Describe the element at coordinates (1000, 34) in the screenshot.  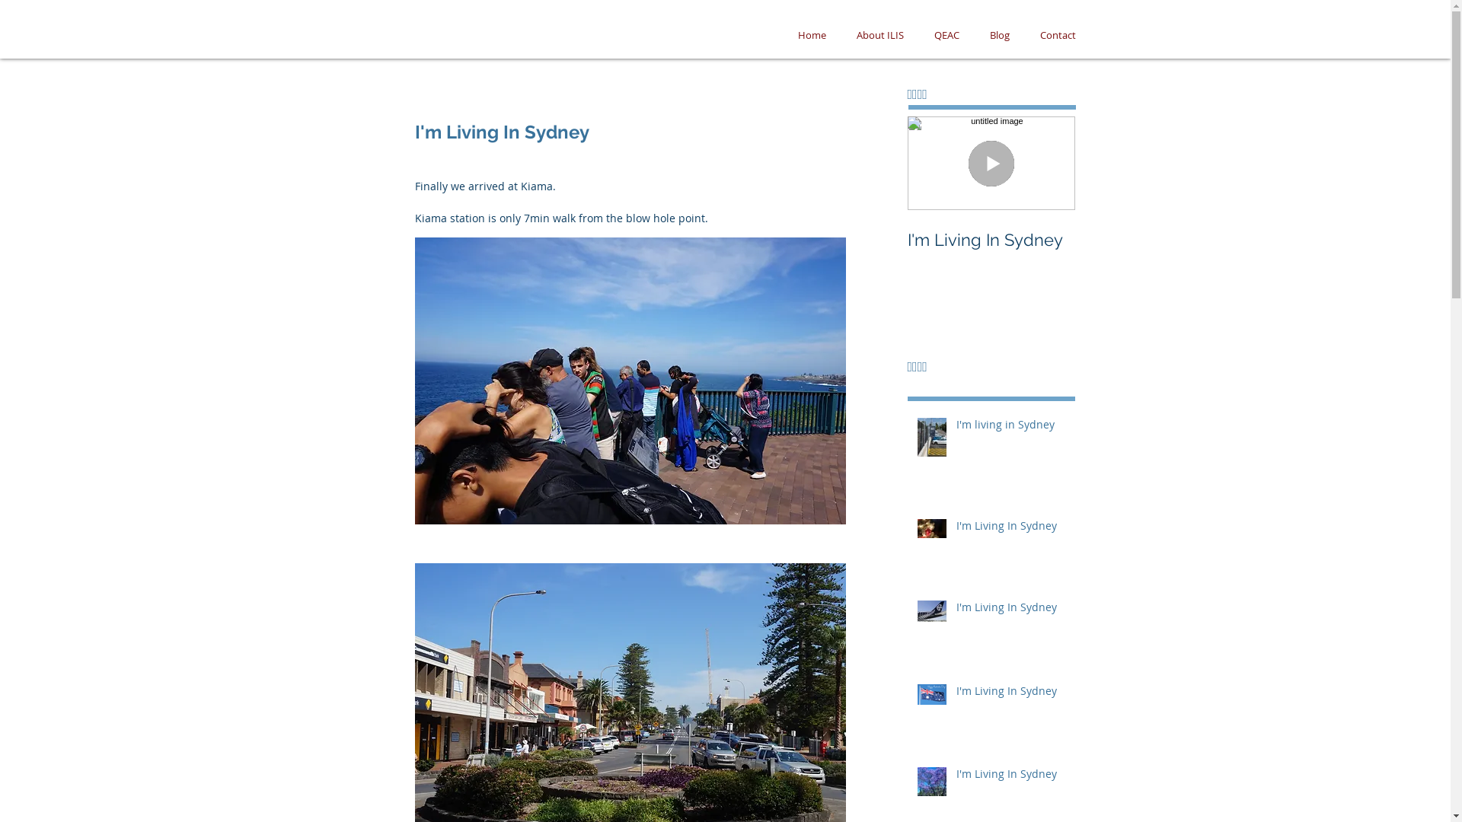
I see `'Blog'` at that location.